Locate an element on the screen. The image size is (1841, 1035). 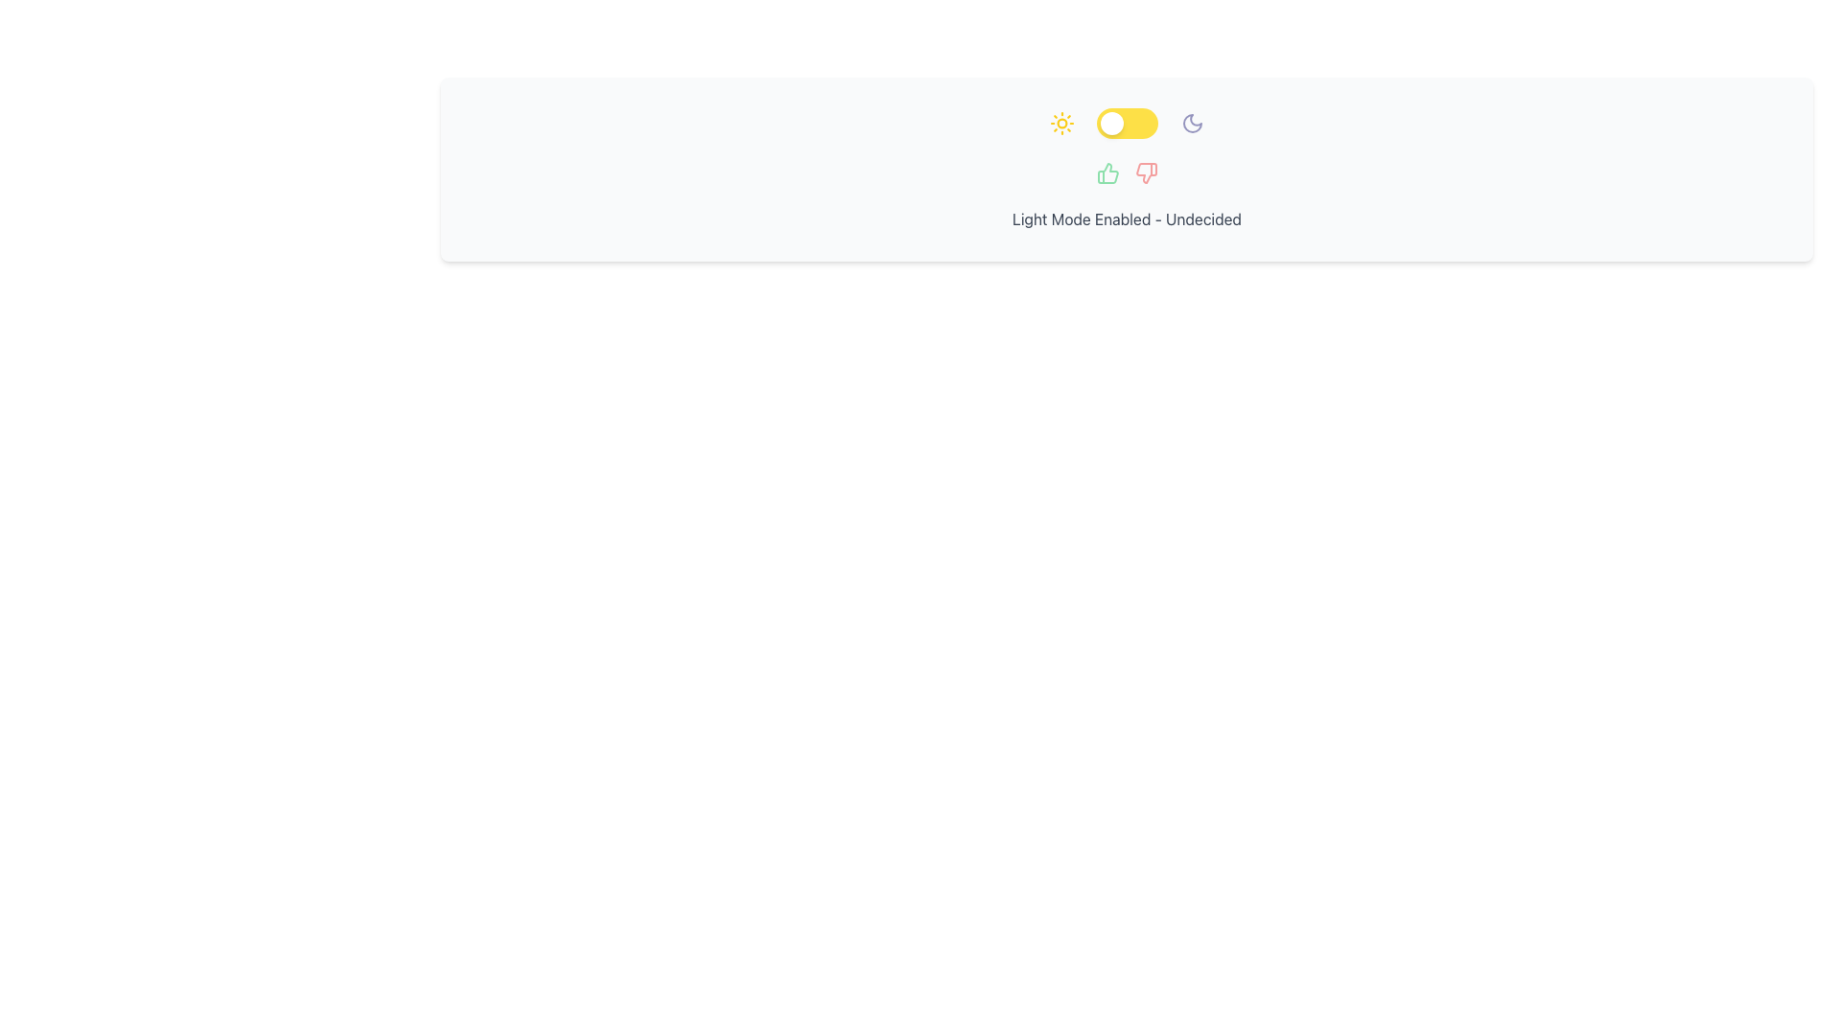
the sun icon located at the leftmost position in the upper portion of the interface to trigger a tooltip or visual response is located at coordinates (1060, 123).